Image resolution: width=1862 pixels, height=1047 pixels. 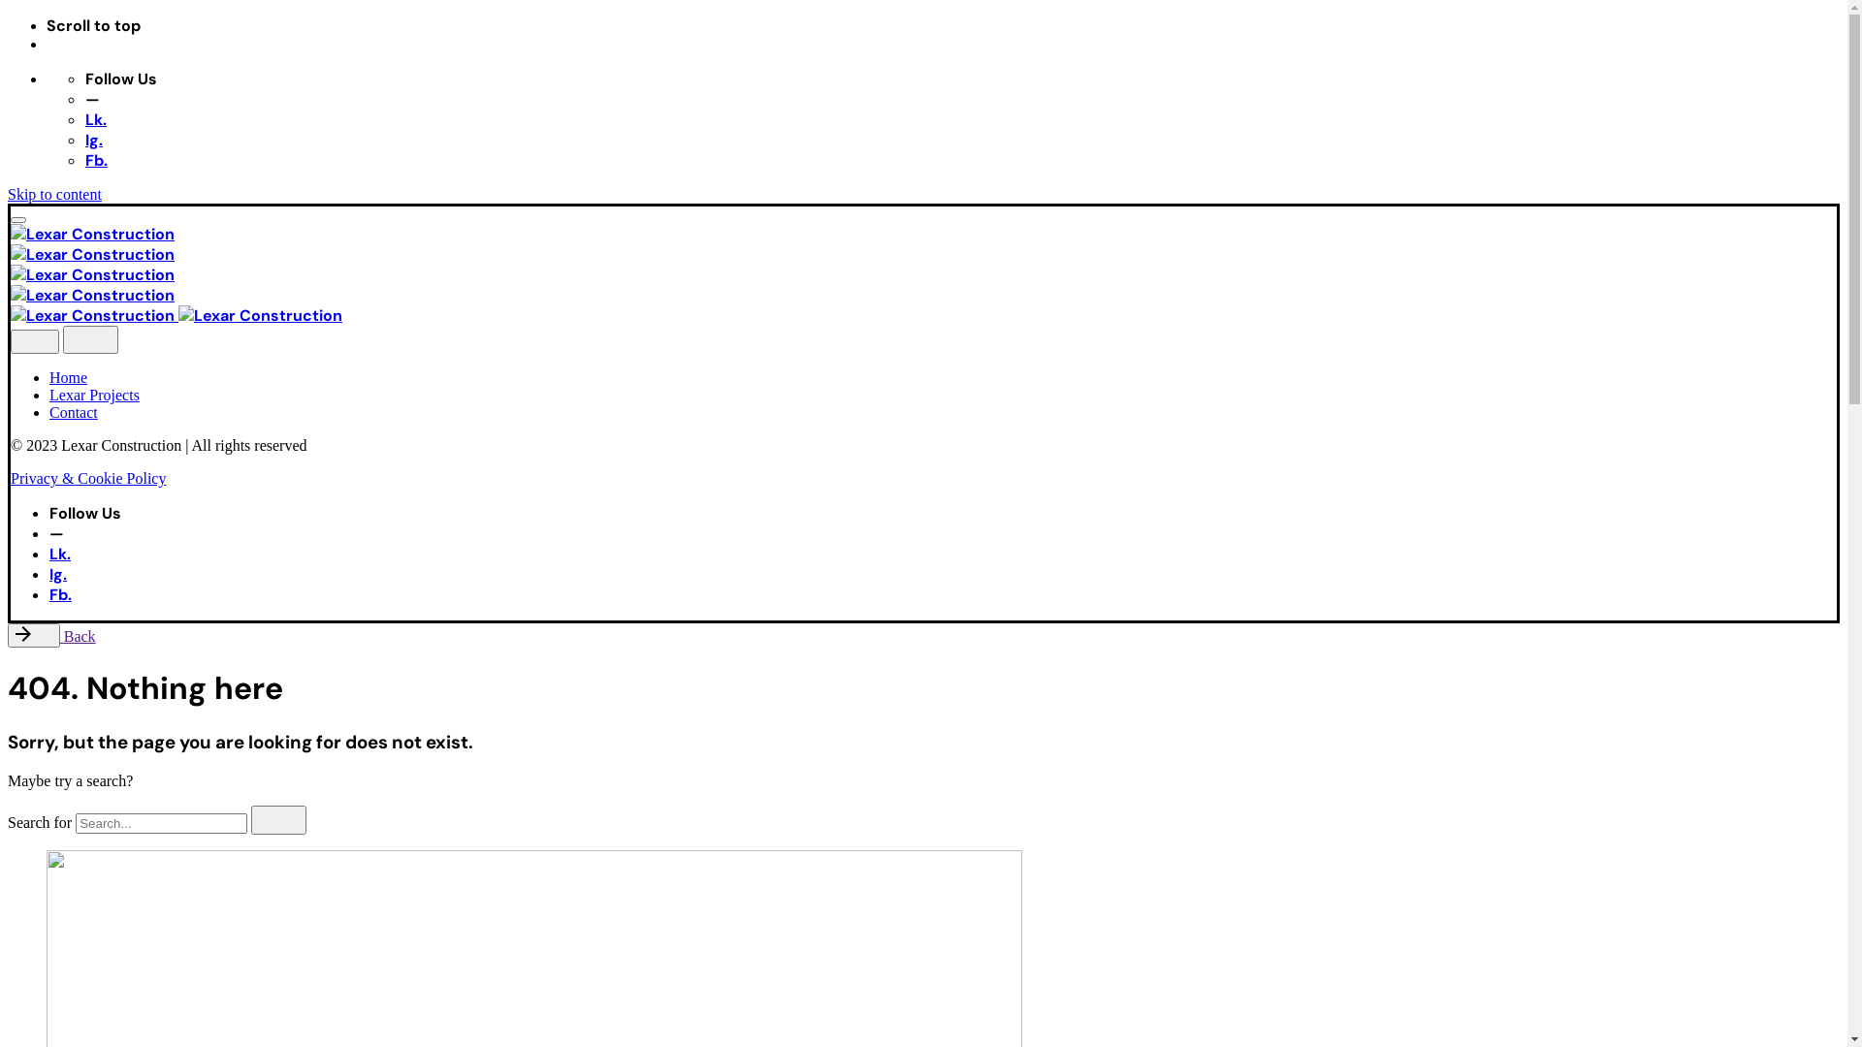 I want to click on 'Ig.', so click(x=83, y=139).